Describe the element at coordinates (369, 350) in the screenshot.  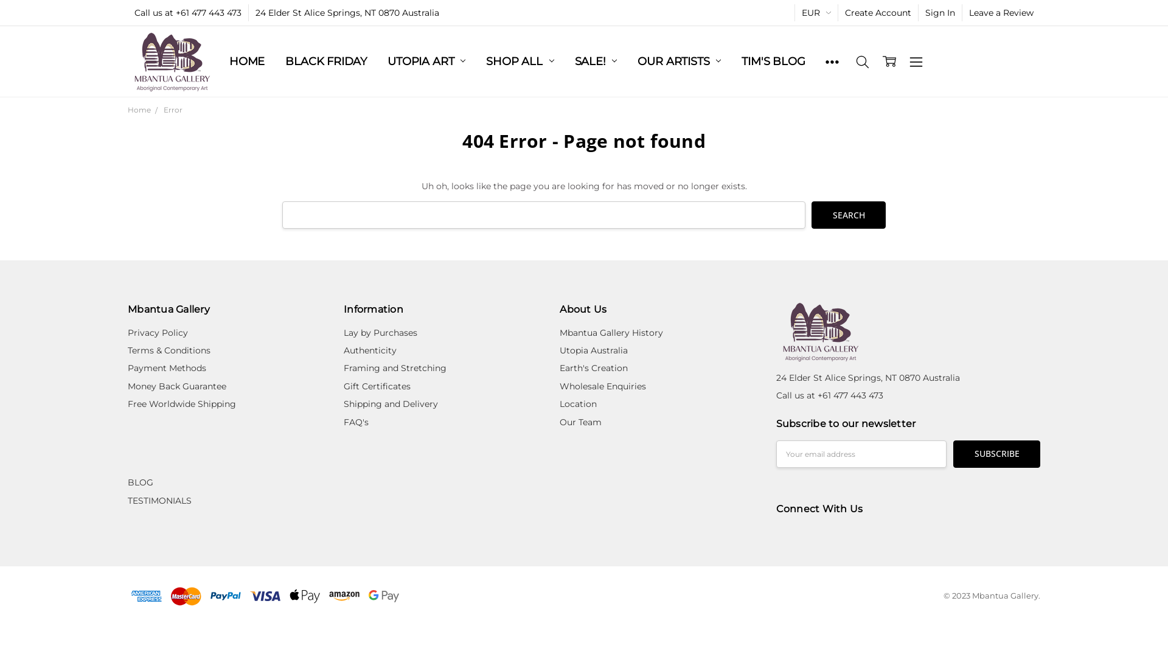
I see `'Authenticity'` at that location.